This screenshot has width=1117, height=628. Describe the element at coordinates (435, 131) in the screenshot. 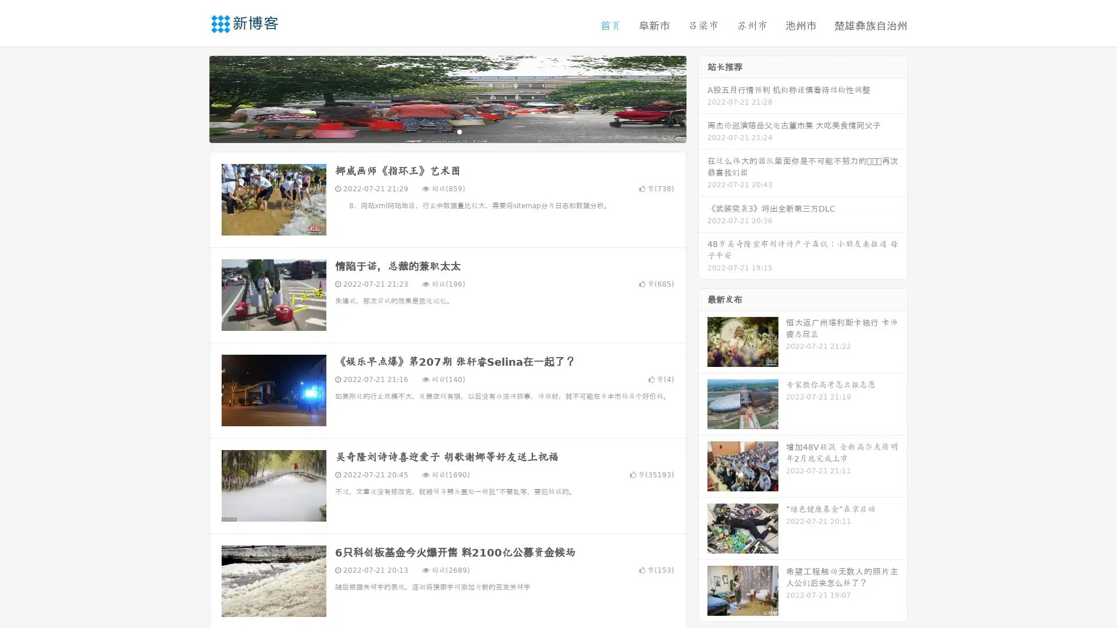

I see `Go to slide 1` at that location.